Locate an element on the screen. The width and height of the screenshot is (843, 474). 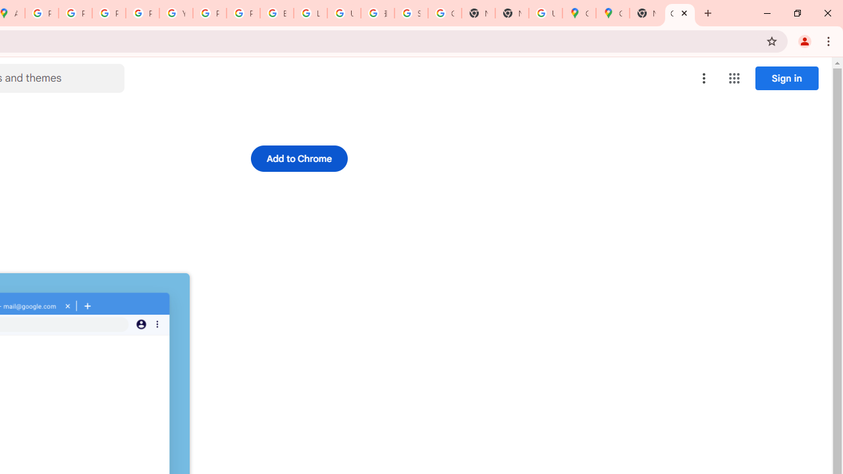
'Use Google Maps in Space - Google Maps Help' is located at coordinates (545, 13).